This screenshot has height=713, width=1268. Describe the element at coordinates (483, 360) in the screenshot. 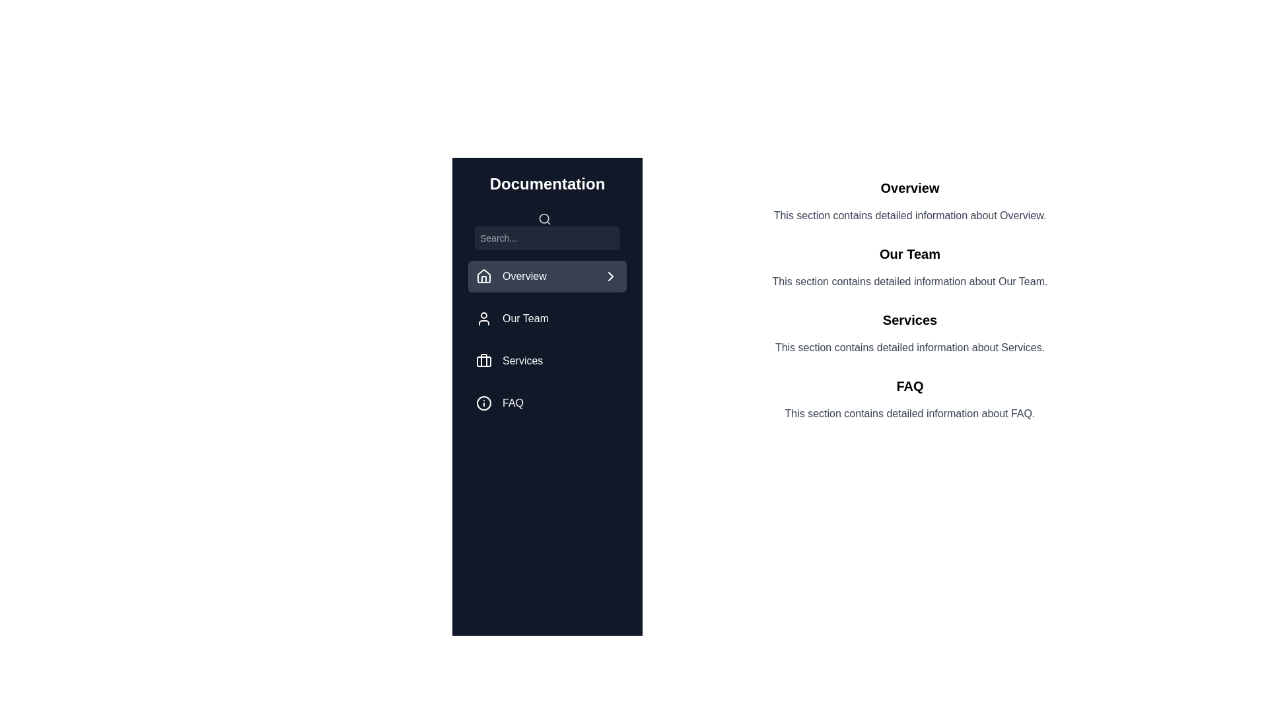

I see `the vertical narrow rectangle that is part of the briefcase icon in the 'Services' menu option located in the sidebar navigation` at that location.